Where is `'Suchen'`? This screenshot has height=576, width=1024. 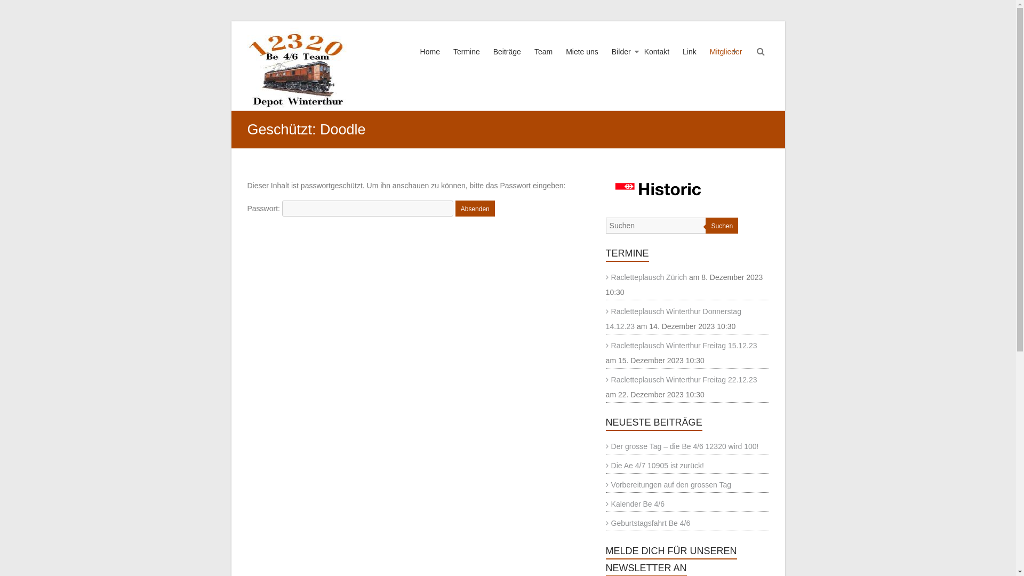 'Suchen' is located at coordinates (706, 225).